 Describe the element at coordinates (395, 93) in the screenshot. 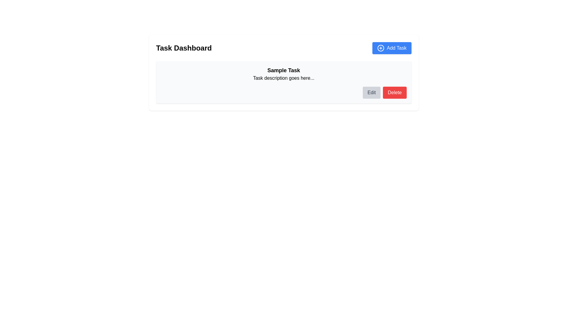

I see `the 'Delete' button` at that location.